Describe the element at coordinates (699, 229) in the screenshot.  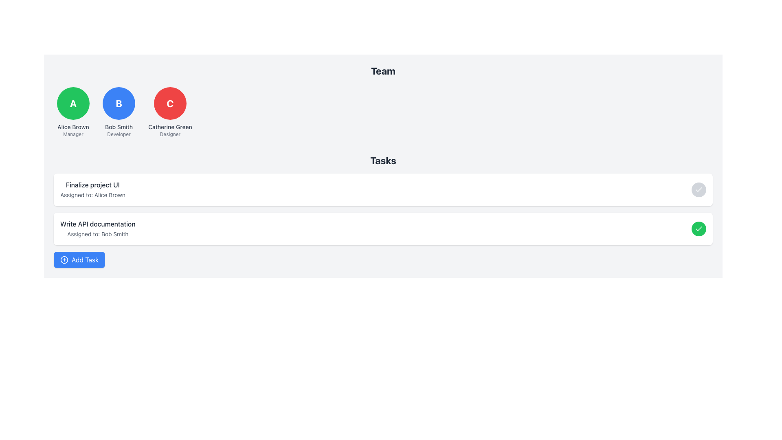
I see `the small green circular checkmark icon that indicates the completion status of the 'Write API documentation' task in the 'Tasks' section` at that location.